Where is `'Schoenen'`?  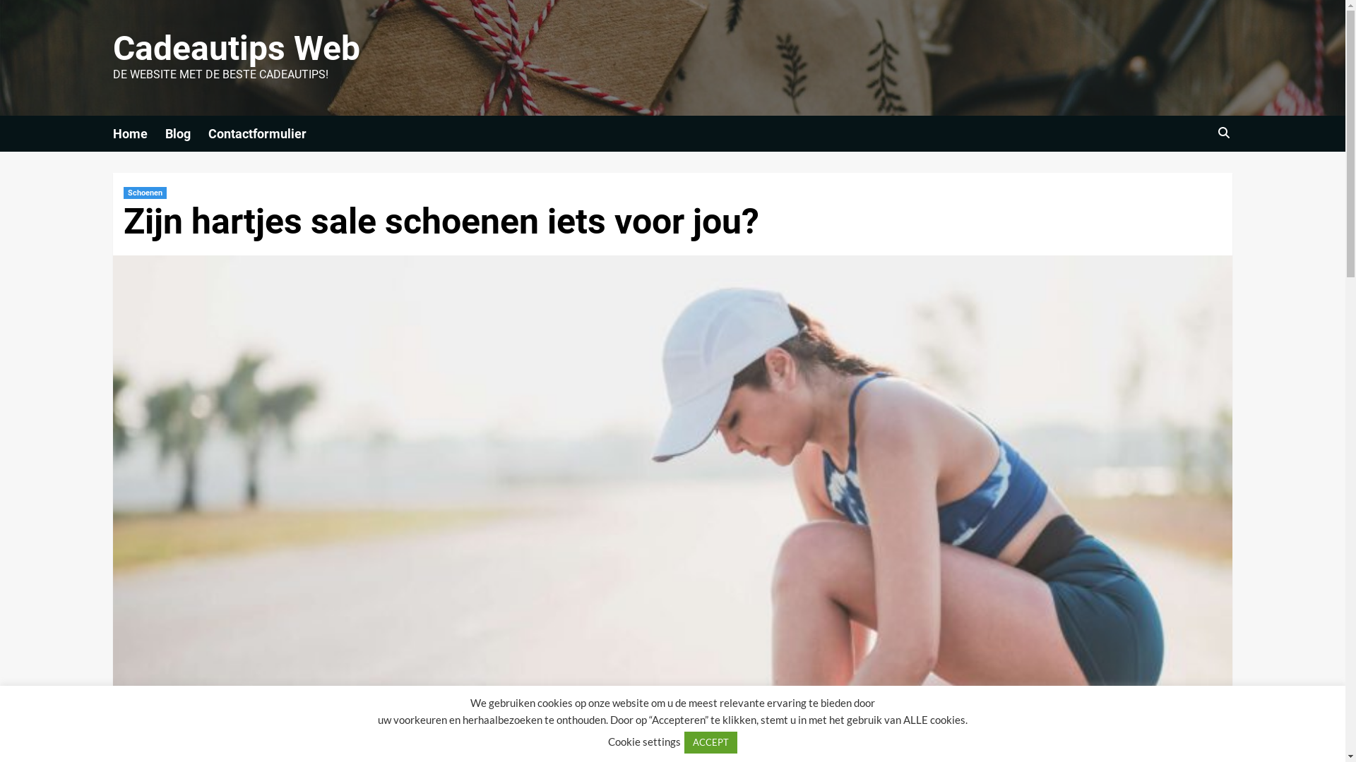 'Schoenen' is located at coordinates (145, 193).